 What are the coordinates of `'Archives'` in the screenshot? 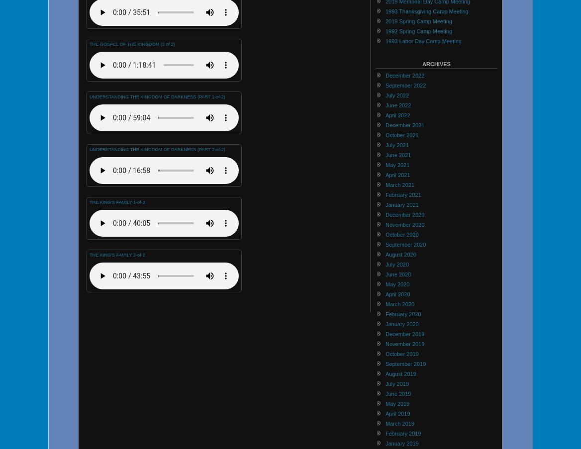 It's located at (422, 63).